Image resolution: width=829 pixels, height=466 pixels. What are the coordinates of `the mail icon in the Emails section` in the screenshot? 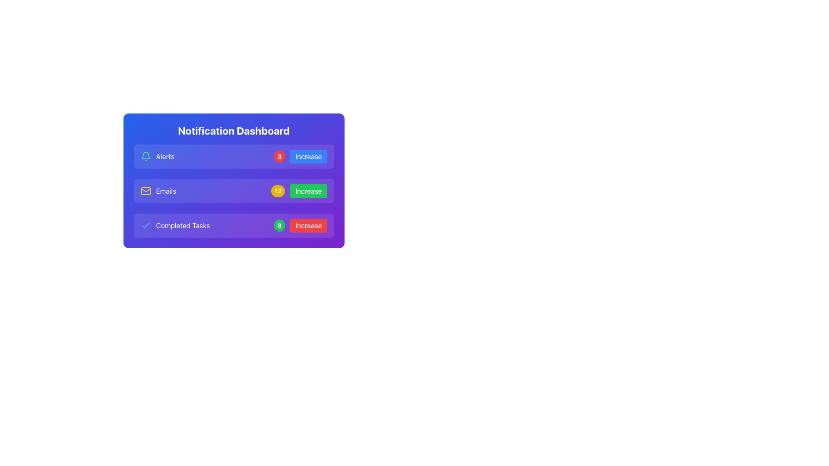 It's located at (146, 191).